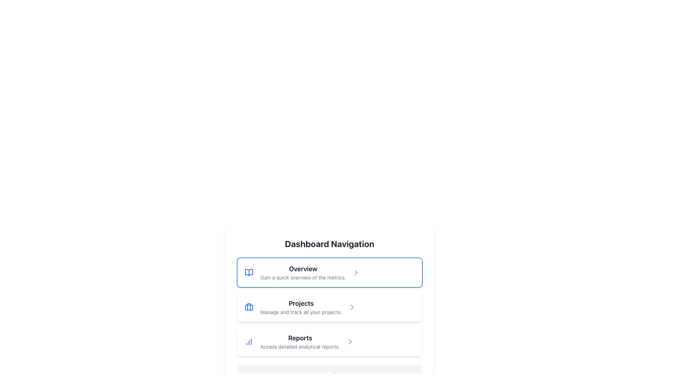 The image size is (692, 389). What do you see at coordinates (303, 272) in the screenshot?
I see `the 'Overview' text display element that contains the descriptive text 'Gain a quick overview of the metrics'` at bounding box center [303, 272].